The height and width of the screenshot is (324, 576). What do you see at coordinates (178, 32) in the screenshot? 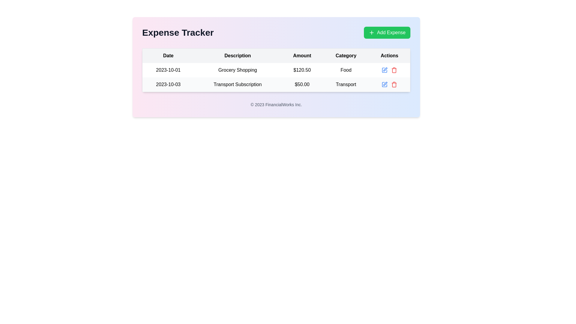
I see `the 'Expense Tracker' text label located at the top-left area of the interface, which displays the text in a large, bold sans-serif font styled in dark gray` at bounding box center [178, 32].